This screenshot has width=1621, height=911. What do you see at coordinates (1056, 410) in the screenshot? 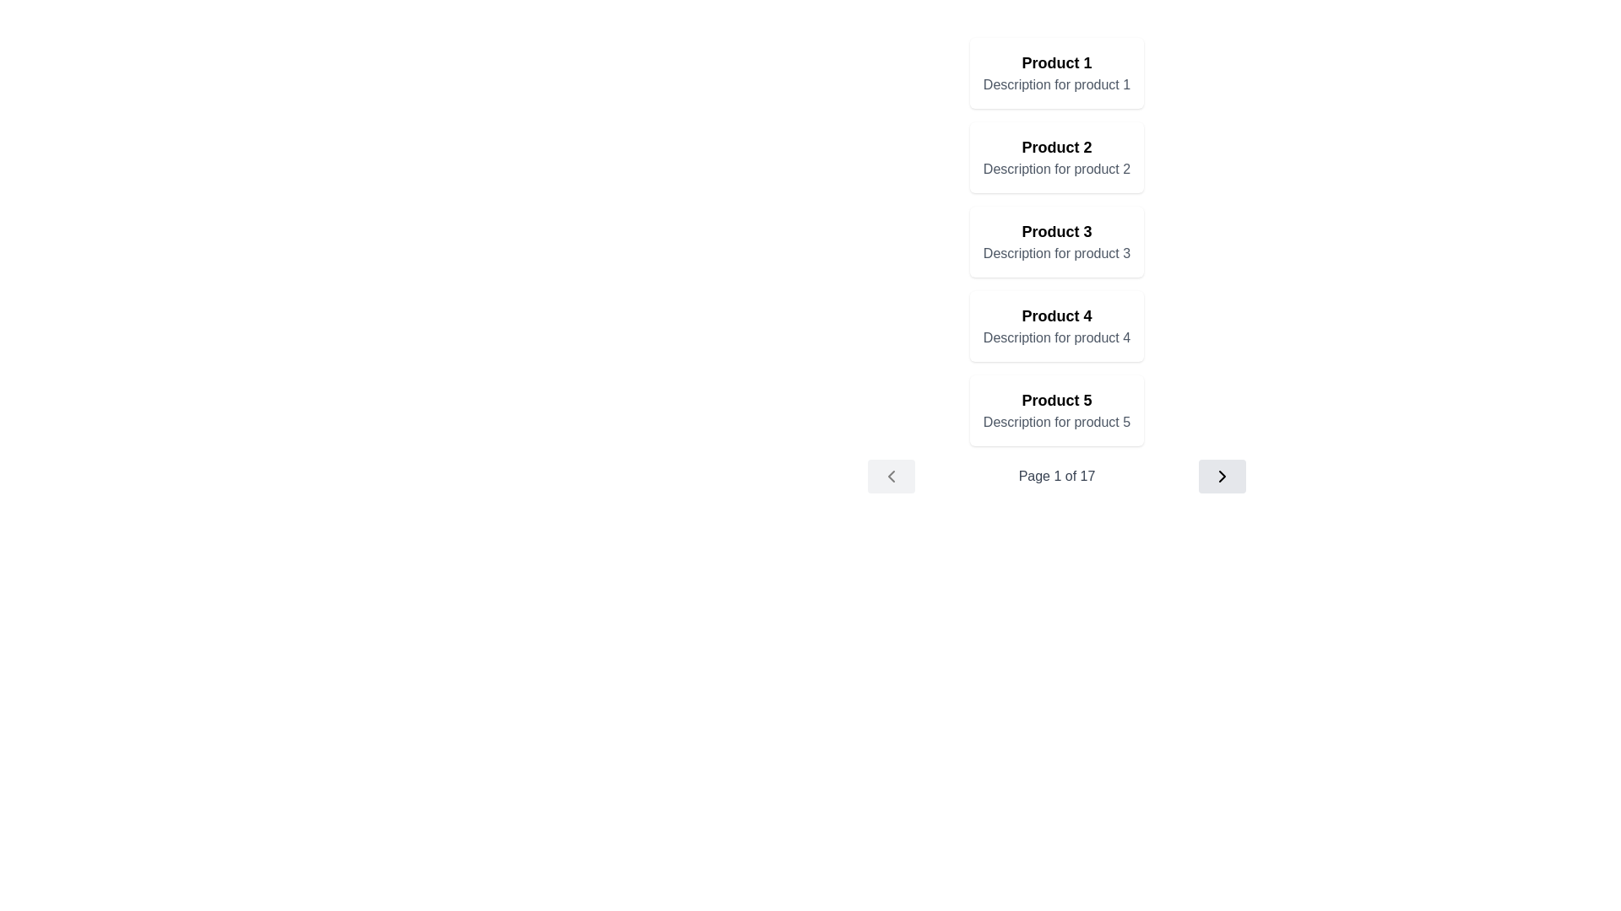
I see `the display card for 'Product 5'` at bounding box center [1056, 410].